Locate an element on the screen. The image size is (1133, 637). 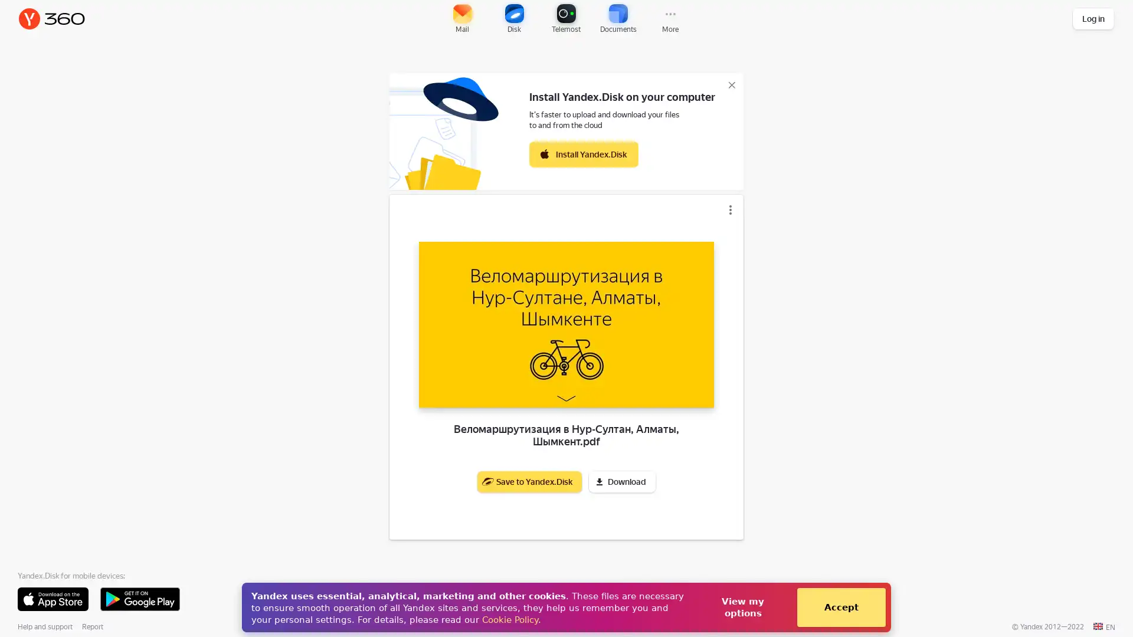
Accept is located at coordinates (840, 607).